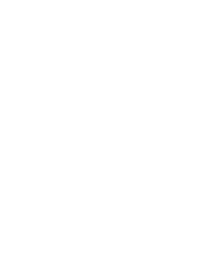 This screenshot has width=224, height=274. What do you see at coordinates (87, 71) in the screenshot?
I see `'For media inquiries, please contact'` at bounding box center [87, 71].